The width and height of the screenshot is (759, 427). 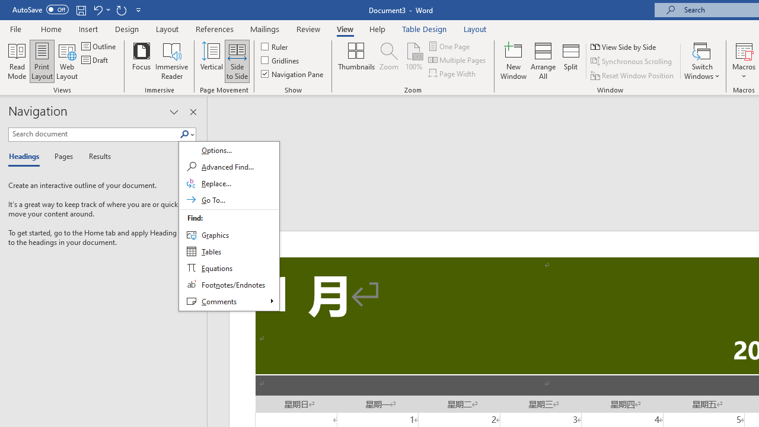 What do you see at coordinates (275, 46) in the screenshot?
I see `'Ruler'` at bounding box center [275, 46].